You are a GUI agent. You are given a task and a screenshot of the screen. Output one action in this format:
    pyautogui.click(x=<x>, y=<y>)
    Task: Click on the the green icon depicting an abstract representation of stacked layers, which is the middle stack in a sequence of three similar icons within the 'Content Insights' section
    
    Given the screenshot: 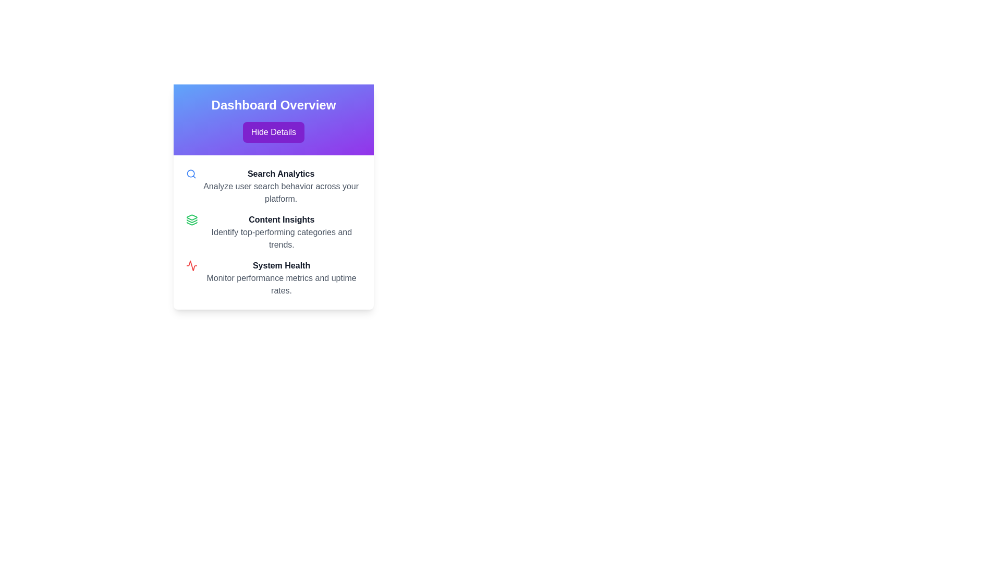 What is the action you would take?
    pyautogui.click(x=192, y=221)
    